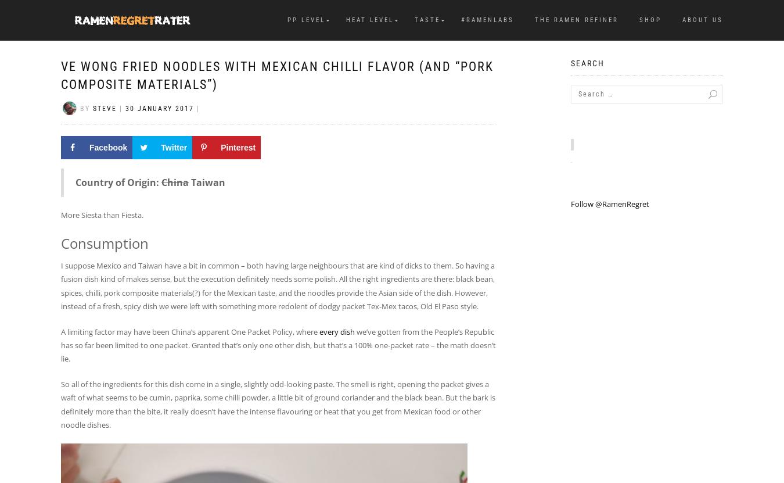  I want to click on 'Ve Wong Fried Noodles with Mexican Chilli Flavor (And “Pork Composite Materials”)', so click(276, 75).